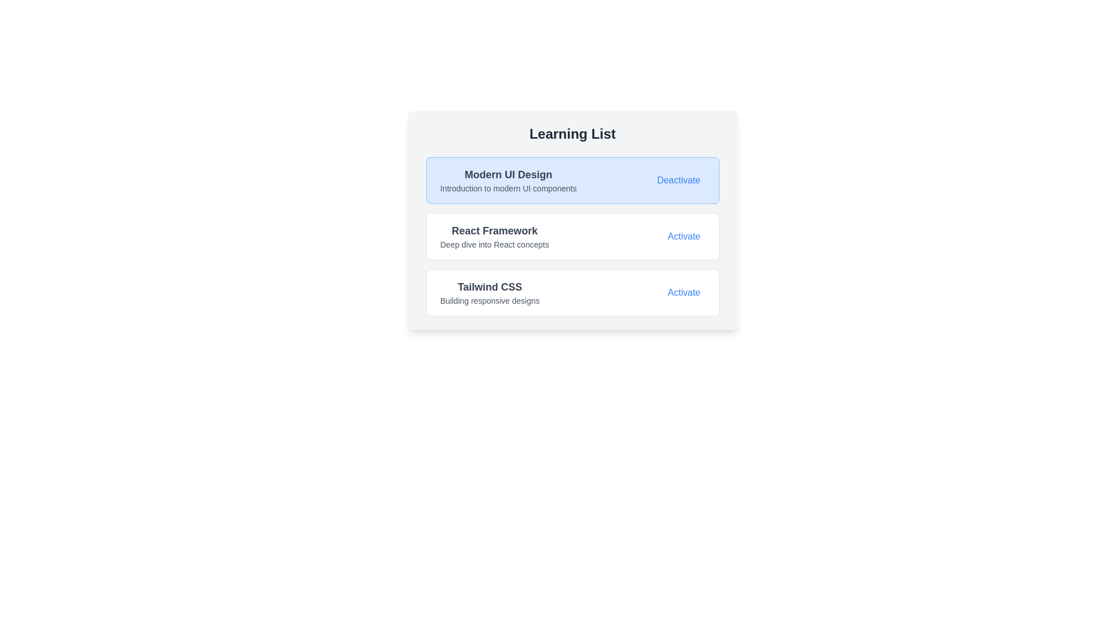  What do you see at coordinates (684, 292) in the screenshot?
I see `the action button labeled 'Activate' for the item 'Tailwind CSS'` at bounding box center [684, 292].